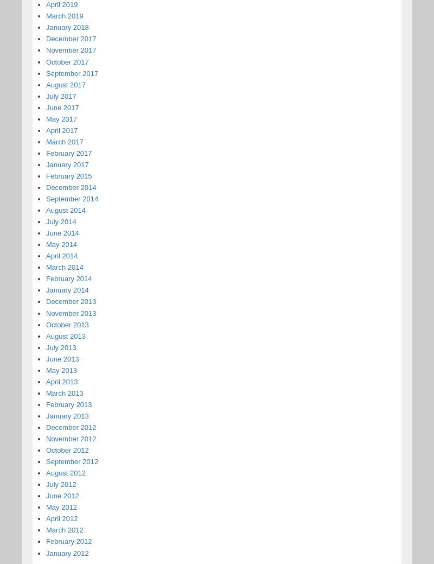 This screenshot has height=564, width=434. Describe the element at coordinates (46, 210) in the screenshot. I see `'August 2014'` at that location.